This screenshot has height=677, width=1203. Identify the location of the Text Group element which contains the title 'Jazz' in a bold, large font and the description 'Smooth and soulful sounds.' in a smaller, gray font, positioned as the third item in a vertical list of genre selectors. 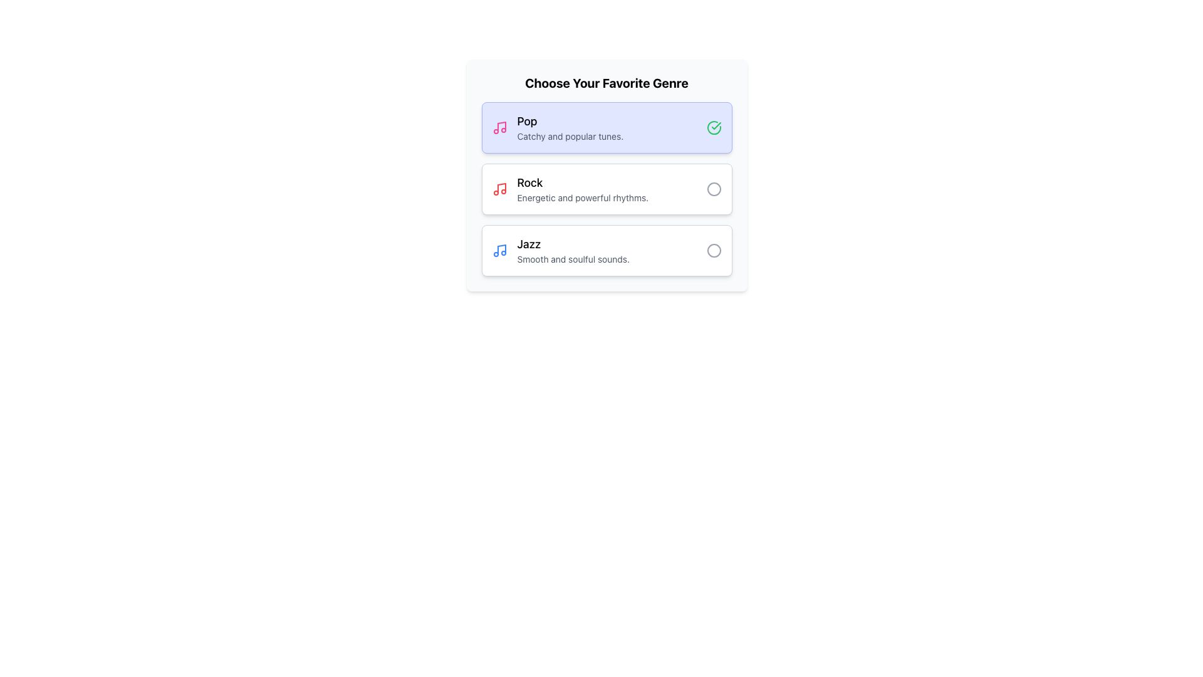
(612, 251).